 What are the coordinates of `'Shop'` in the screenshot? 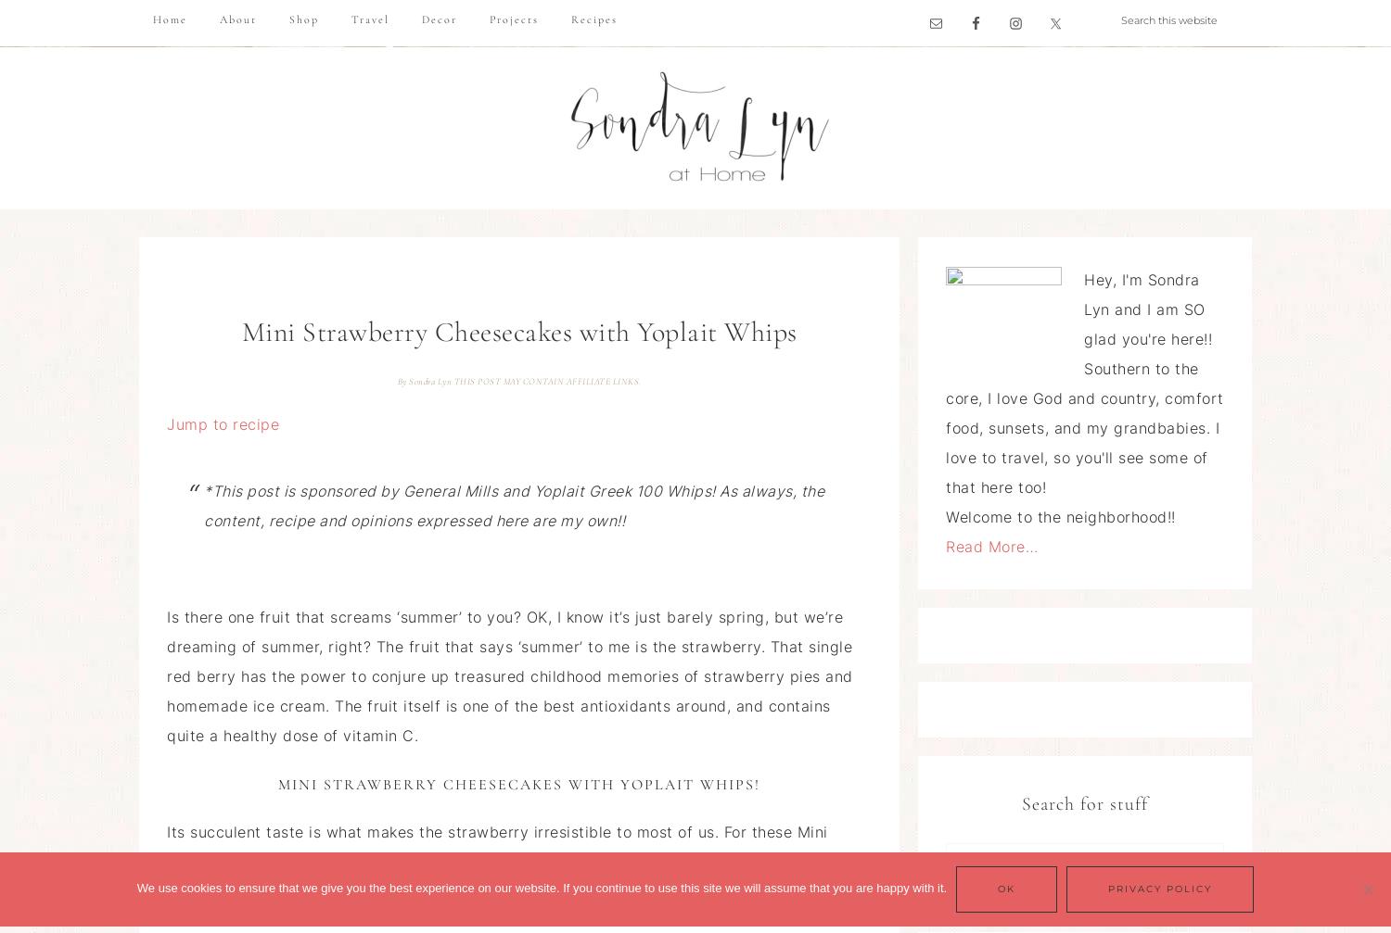 It's located at (303, 19).